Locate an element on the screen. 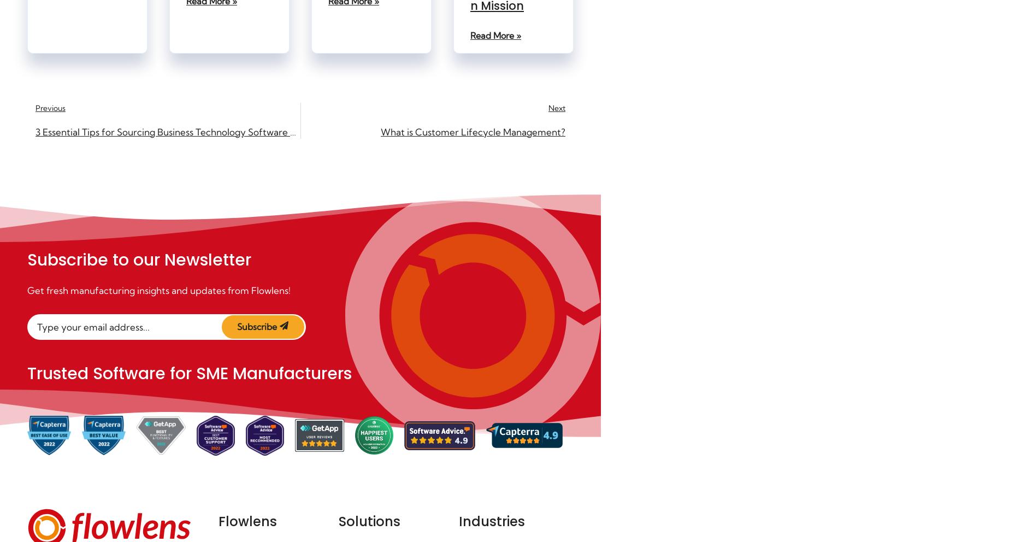 The width and height of the screenshot is (1021, 542). 'Read More »' is located at coordinates (470, 34).